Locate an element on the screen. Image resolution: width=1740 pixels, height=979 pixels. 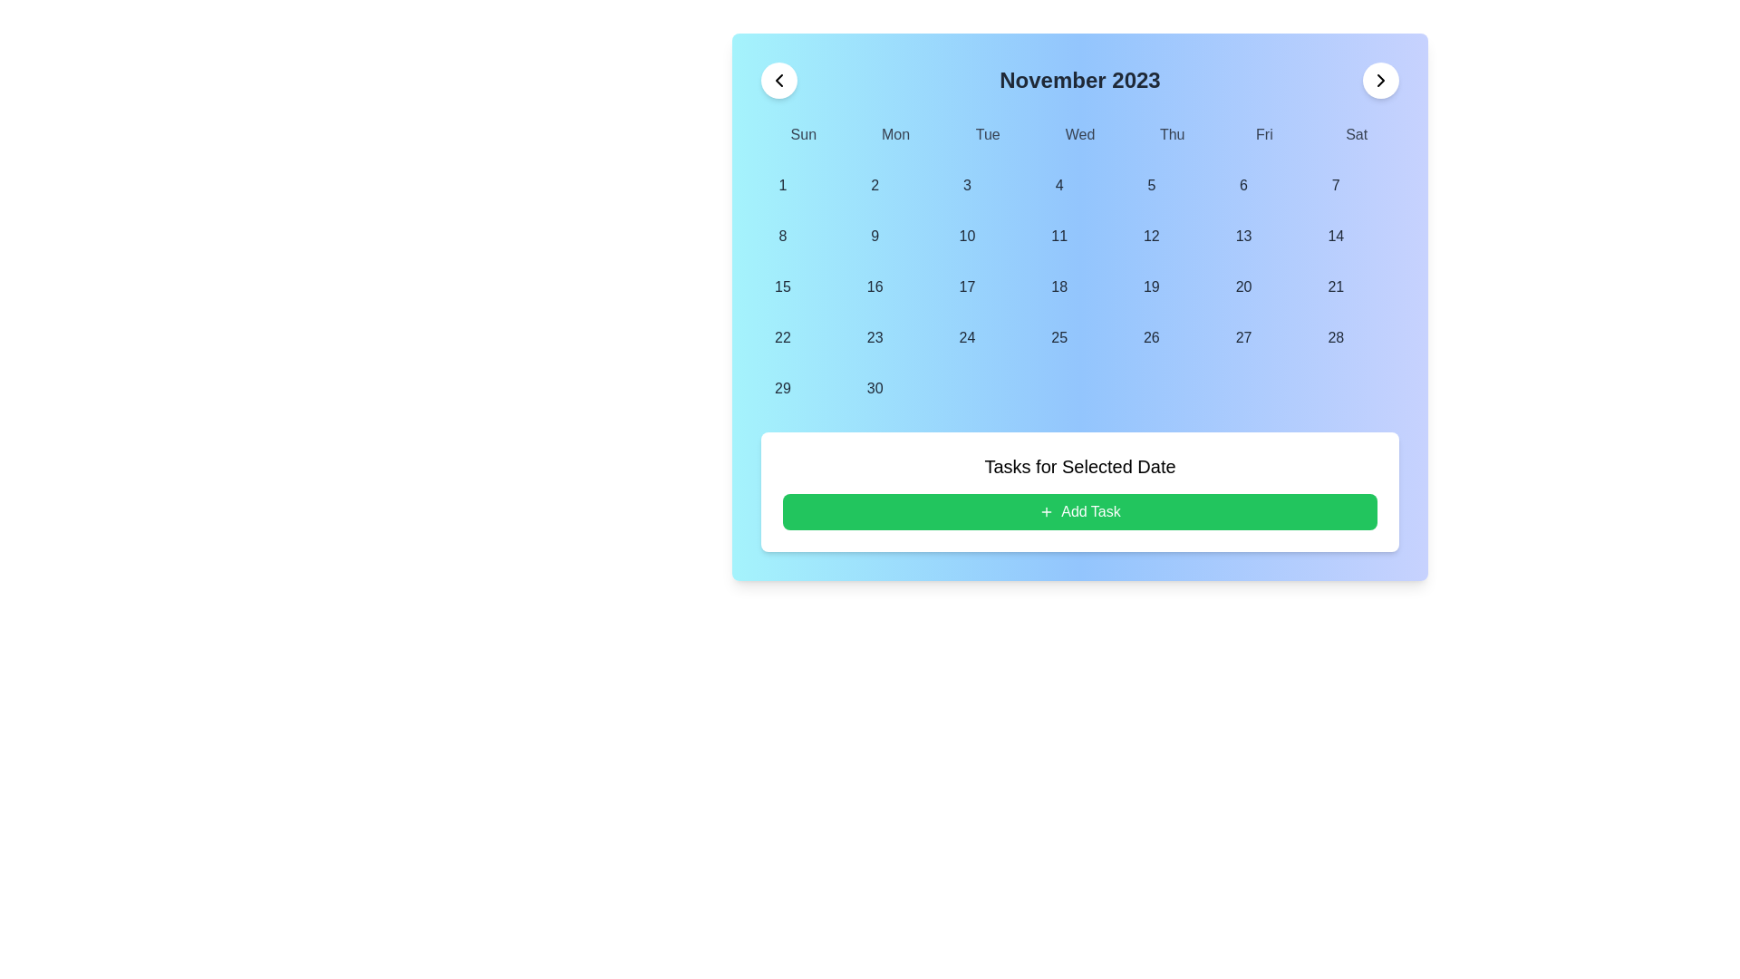
the text label representing 'Wednesday', which is the fourth element in the sequence of days displayed in the calendar interface is located at coordinates (1079, 134).